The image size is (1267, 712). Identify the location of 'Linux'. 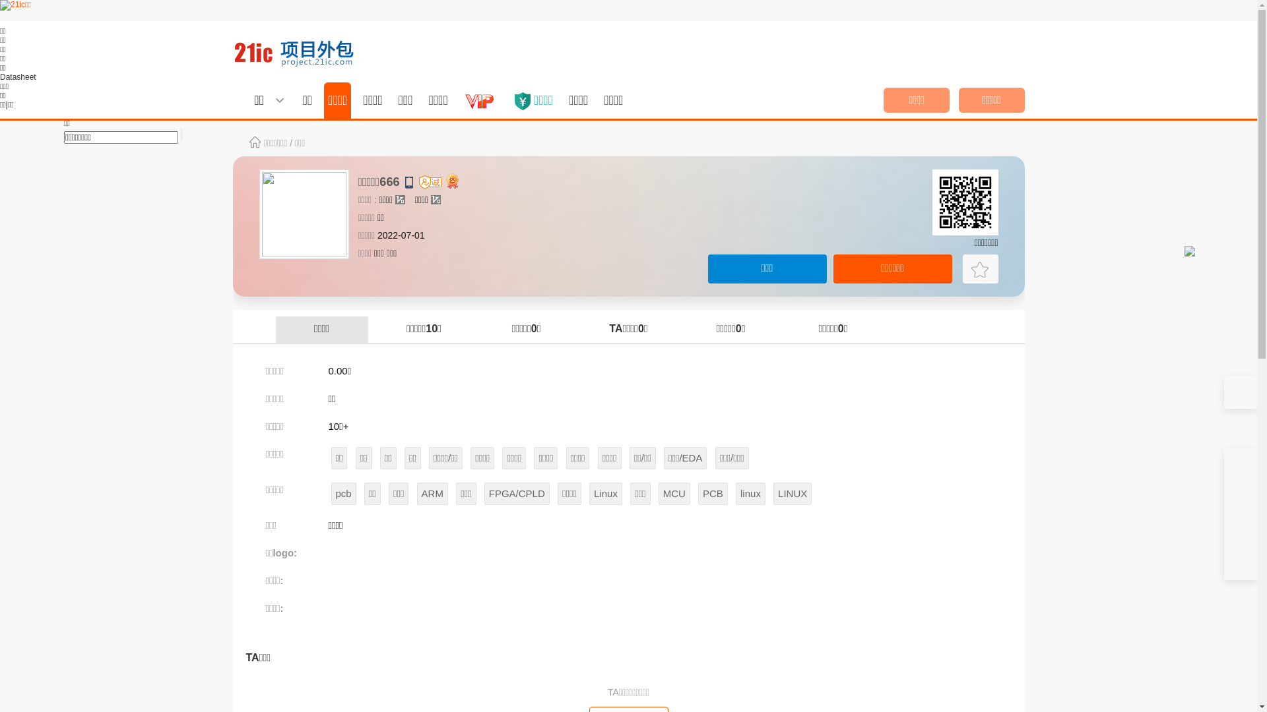
(604, 493).